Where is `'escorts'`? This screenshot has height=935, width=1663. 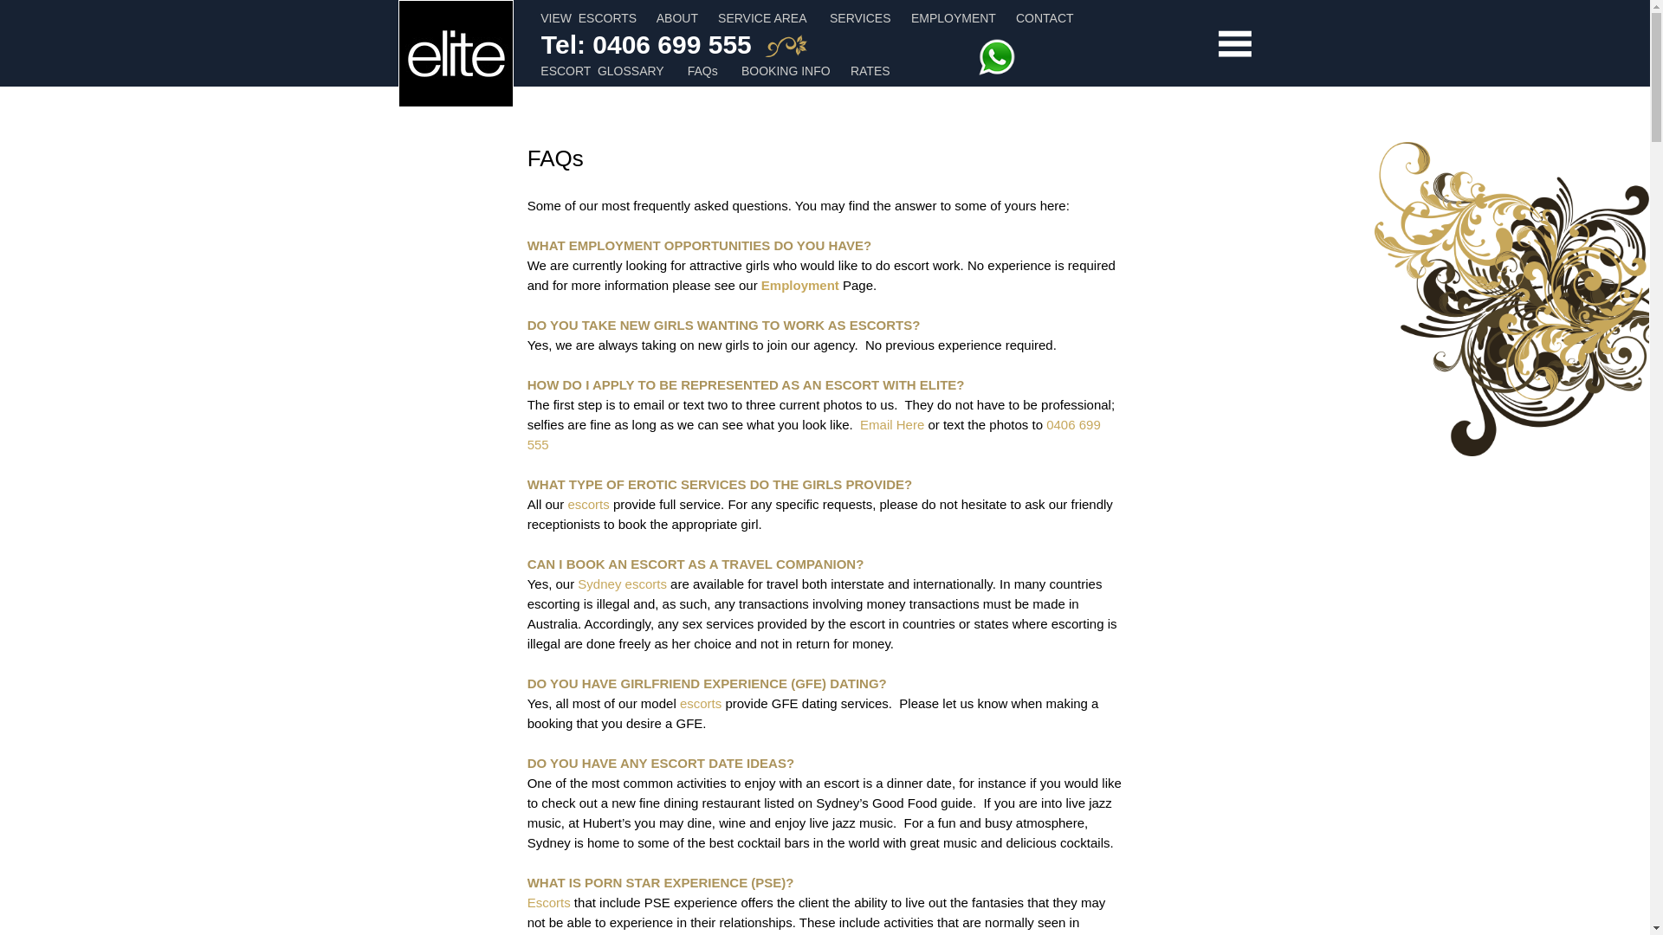
'escorts' is located at coordinates (566, 504).